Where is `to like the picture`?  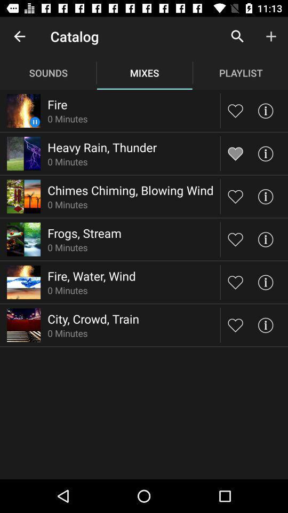 to like the picture is located at coordinates (235, 282).